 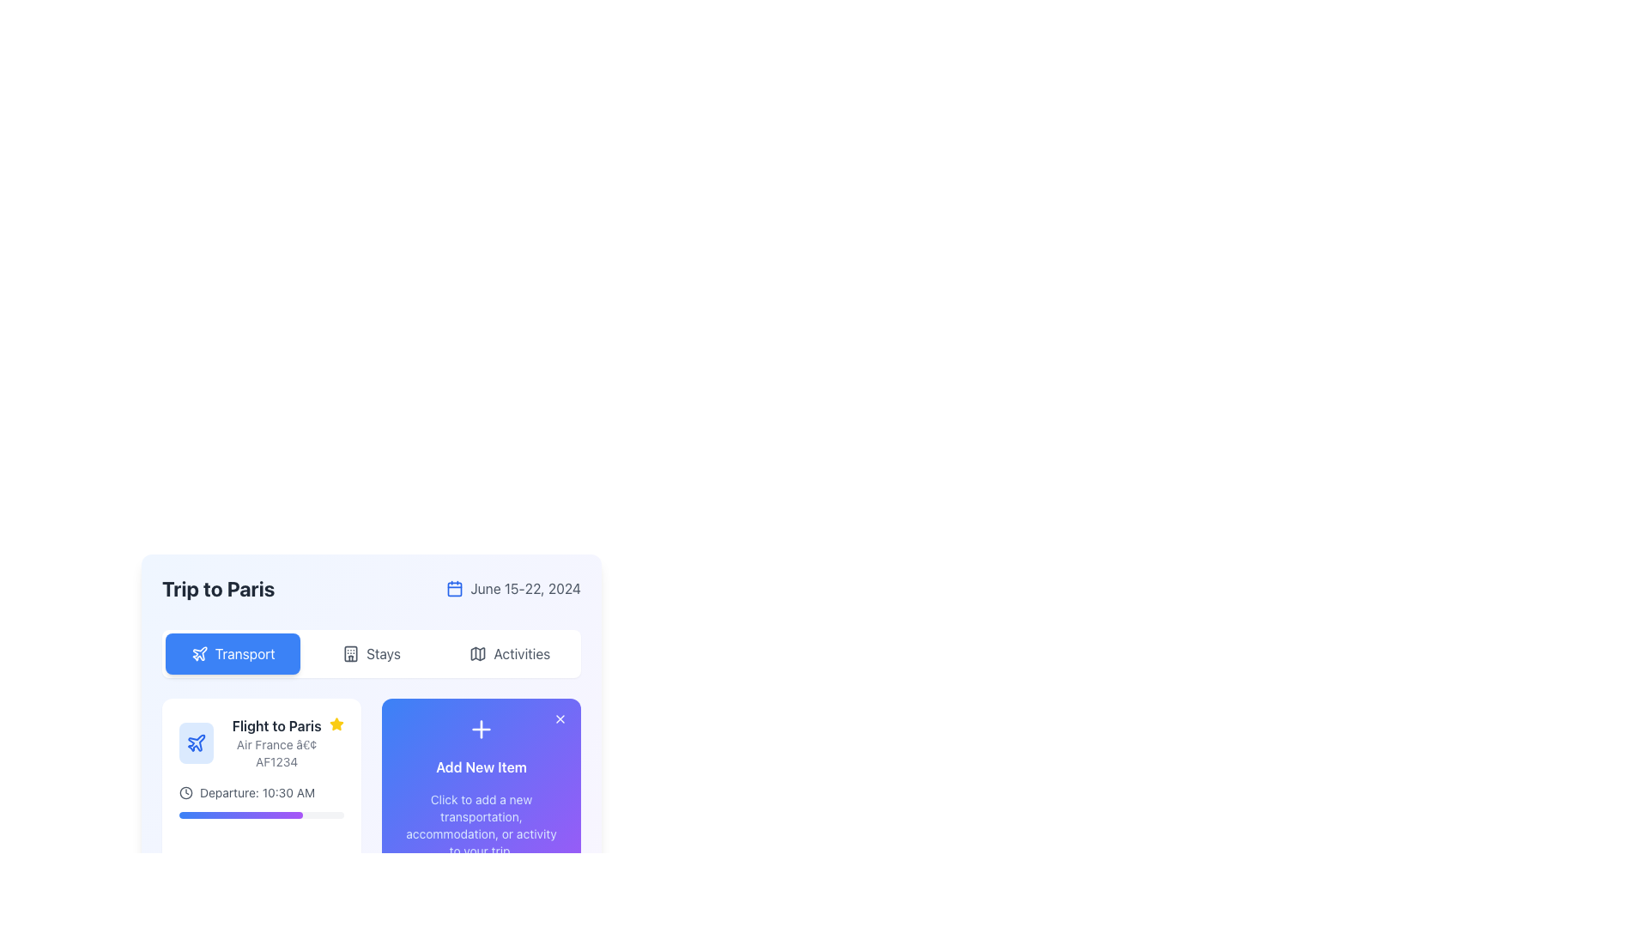 What do you see at coordinates (336, 724) in the screenshot?
I see `the yellow star icon representing a rating or favorite indicator in the 'Flight to Paris' block` at bounding box center [336, 724].